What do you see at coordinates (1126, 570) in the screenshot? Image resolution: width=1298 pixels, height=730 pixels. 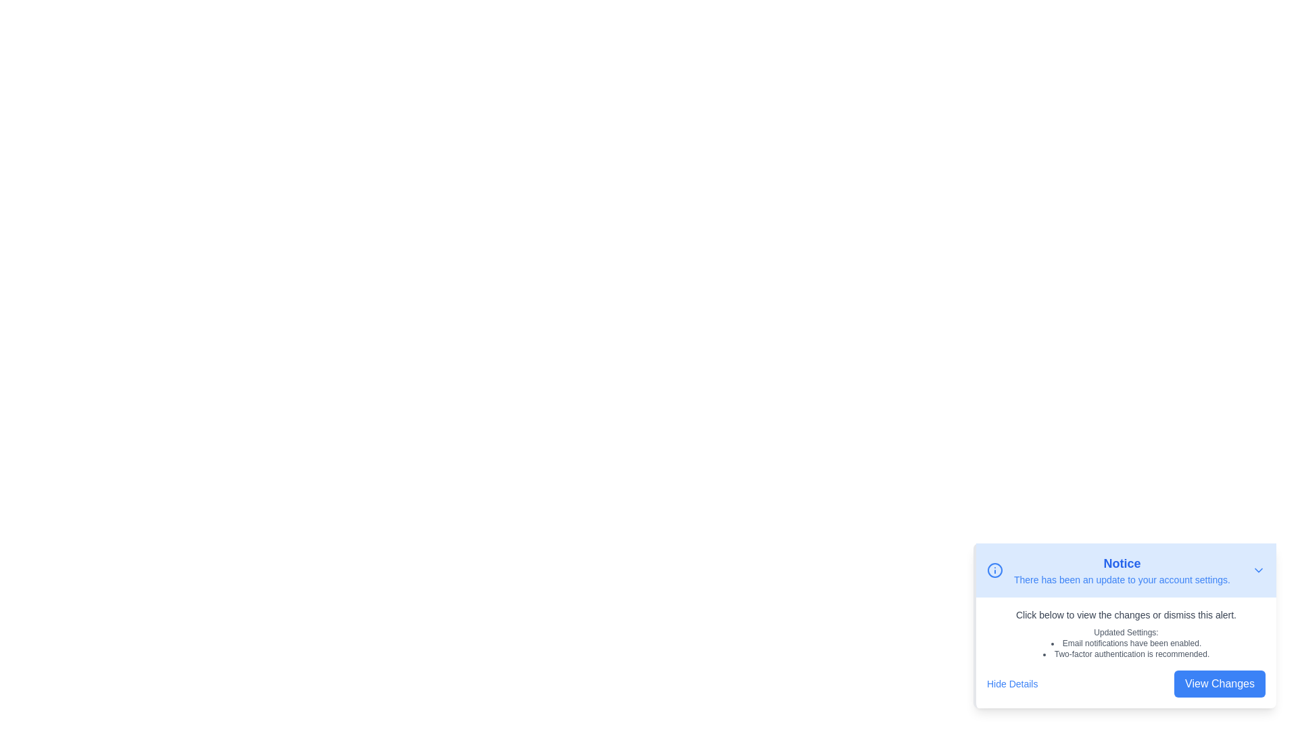 I see `the Informative banner located at the top of the rectangular panel in the bottom-right corner of the interface, which informs users about an update to their account settings` at bounding box center [1126, 570].